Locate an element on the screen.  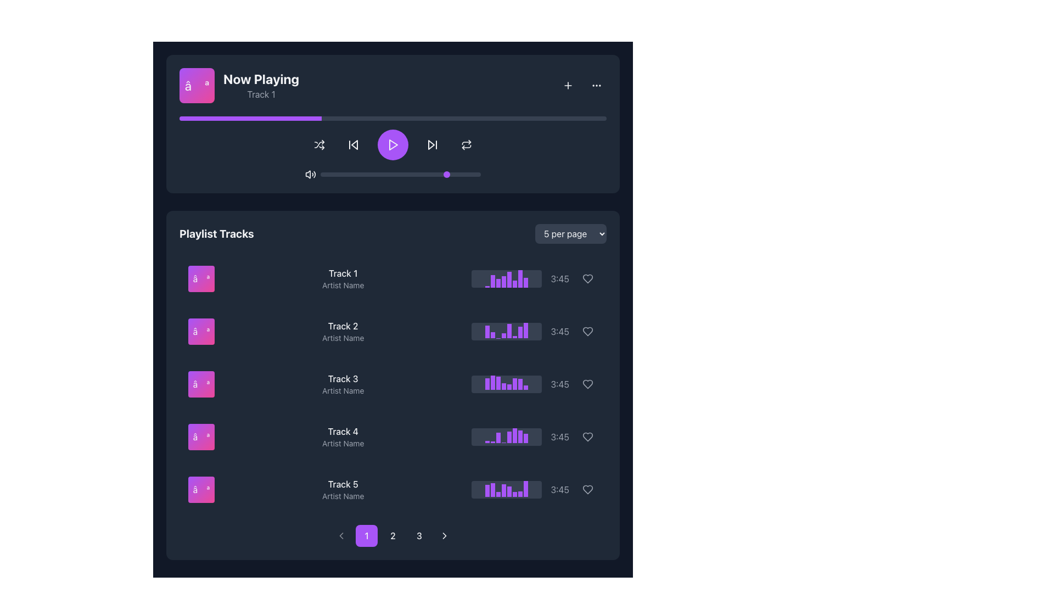
the fourth vertical purple bar in the data visualization chart is located at coordinates (503, 281).